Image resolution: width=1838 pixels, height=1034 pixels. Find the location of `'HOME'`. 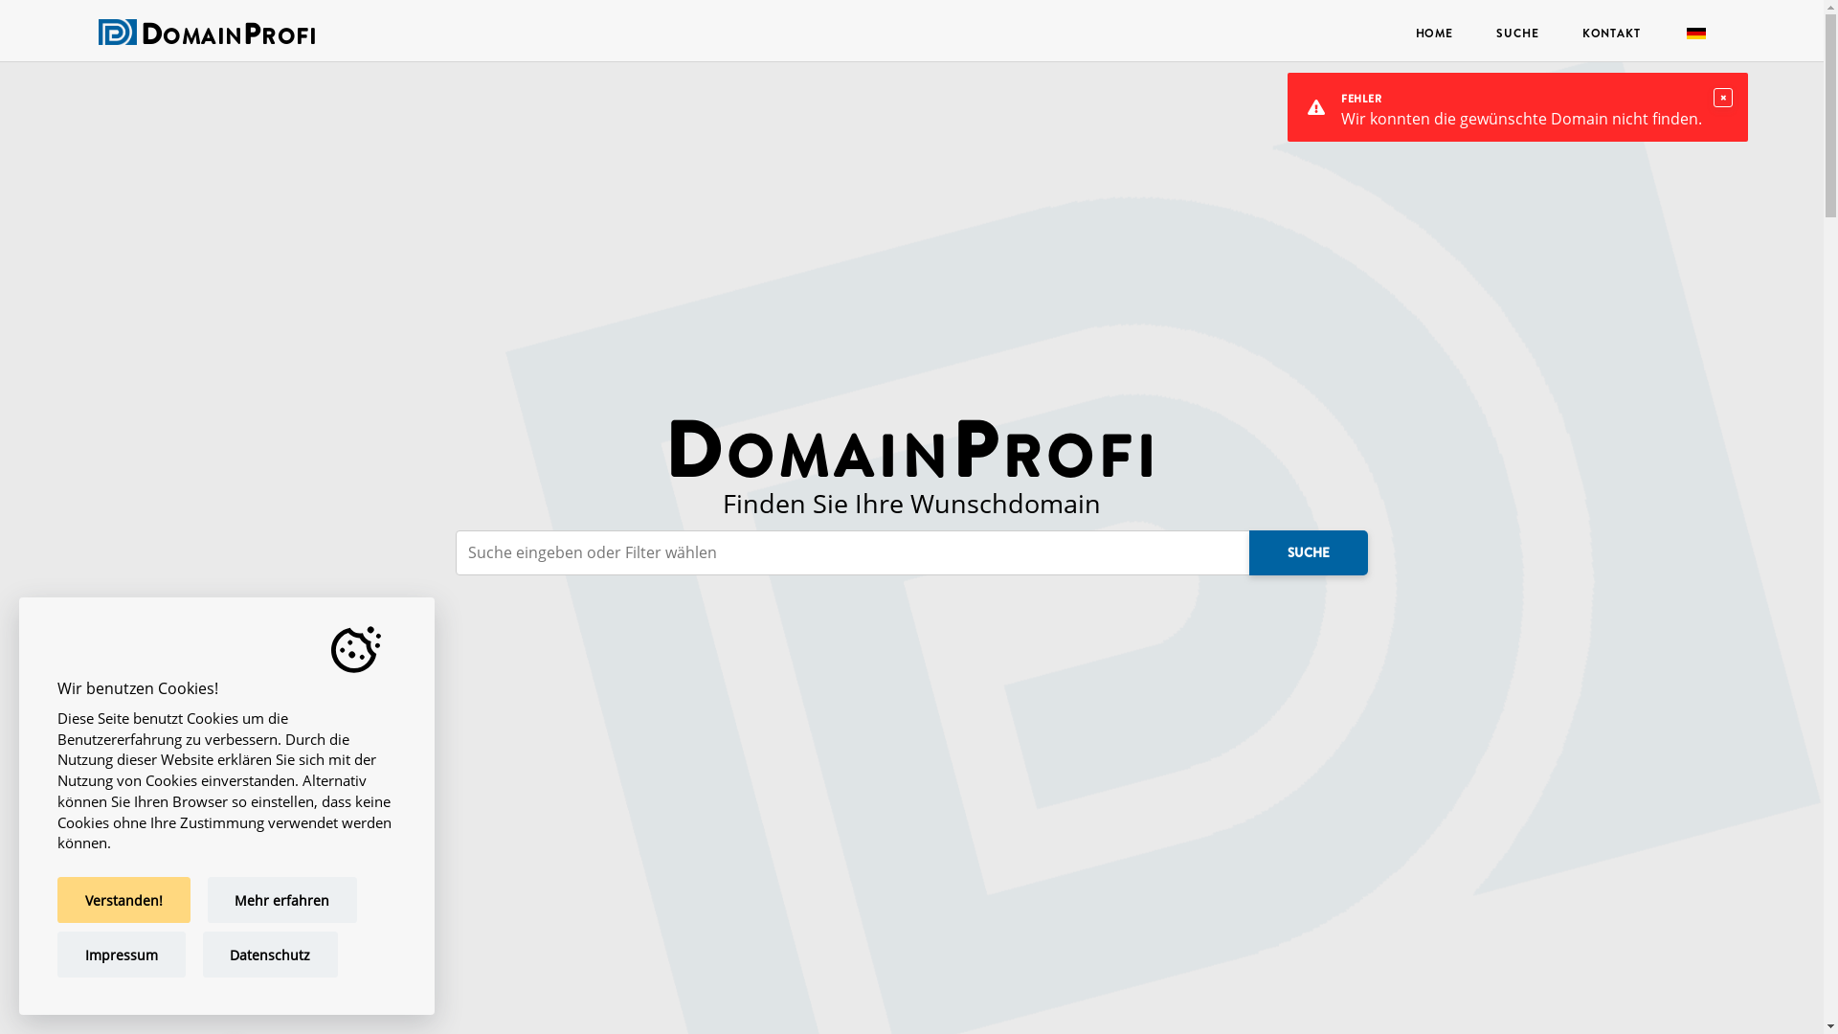

'HOME' is located at coordinates (1393, 33).